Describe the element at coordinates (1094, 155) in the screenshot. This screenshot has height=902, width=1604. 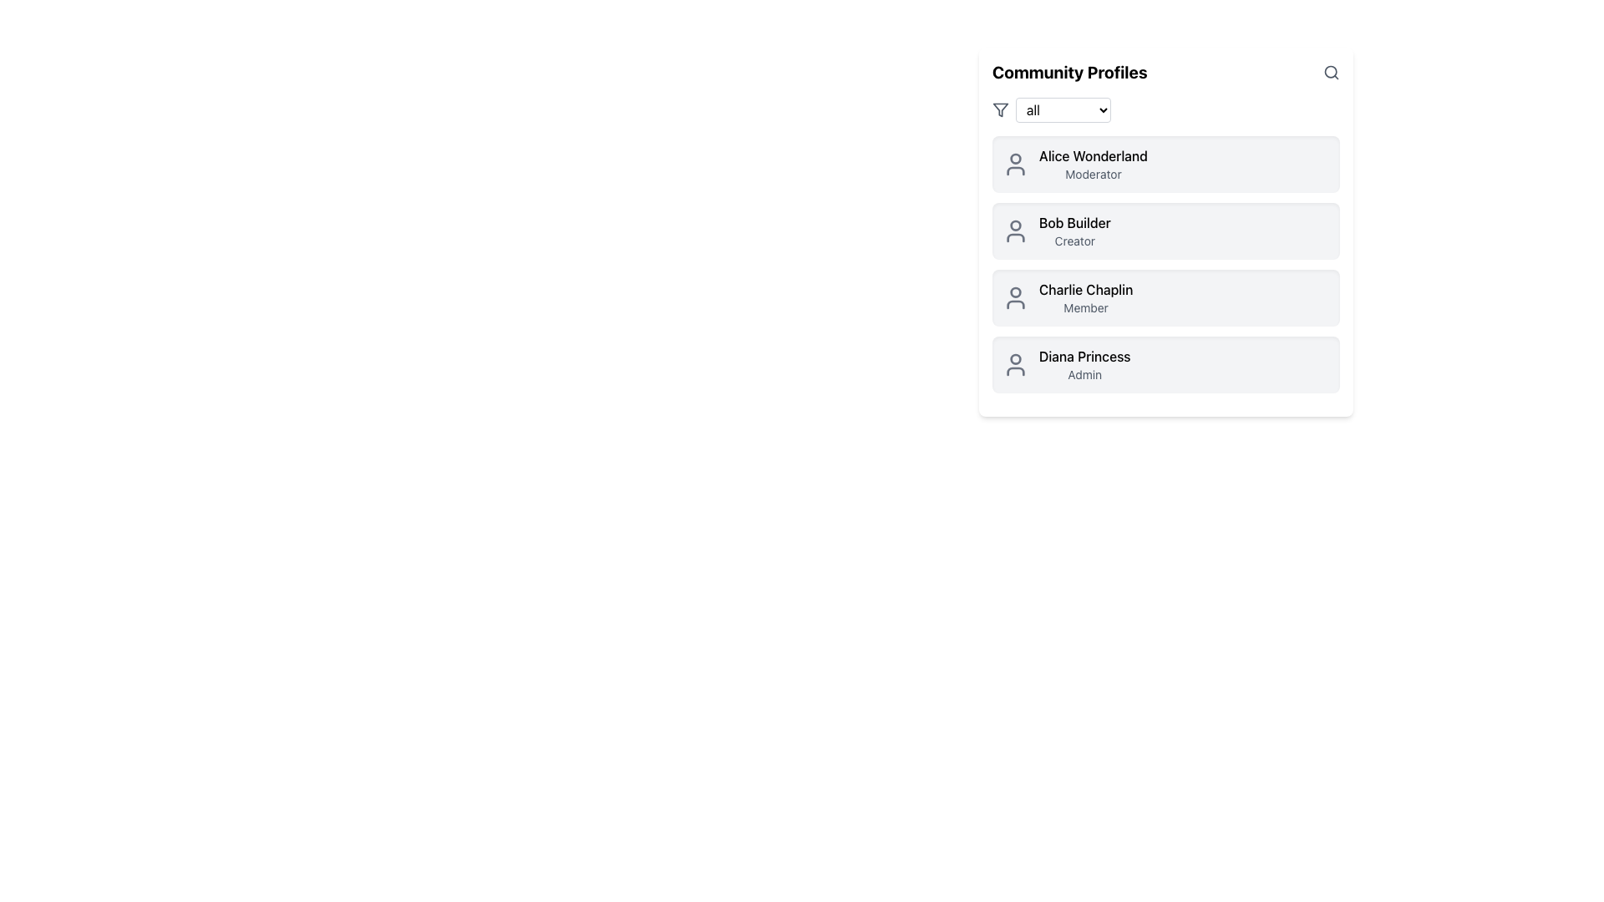
I see `the text label displaying 'Alice Wonderland' positioned at the top of the 'Community Profiles' list for reading` at that location.